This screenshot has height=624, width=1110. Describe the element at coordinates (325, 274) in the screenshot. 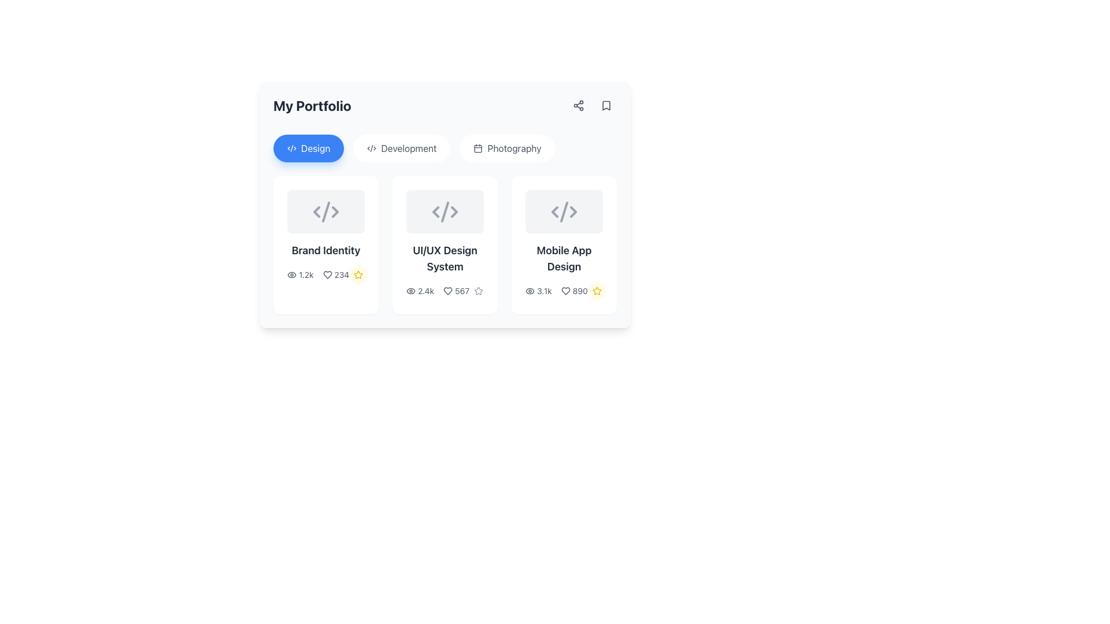

I see `the interactive icons representing views, likes, and favorites in the lower section of the first card titled 'Brand Identity' in the 'Design' category` at that location.